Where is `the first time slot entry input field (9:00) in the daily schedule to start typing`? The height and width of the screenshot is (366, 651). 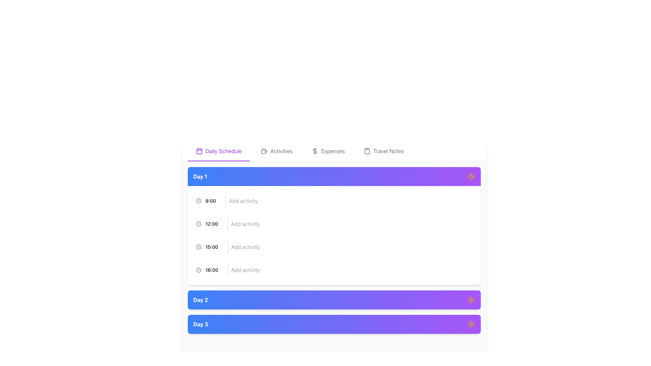 the first time slot entry input field (9:00) in the daily schedule to start typing is located at coordinates (334, 201).